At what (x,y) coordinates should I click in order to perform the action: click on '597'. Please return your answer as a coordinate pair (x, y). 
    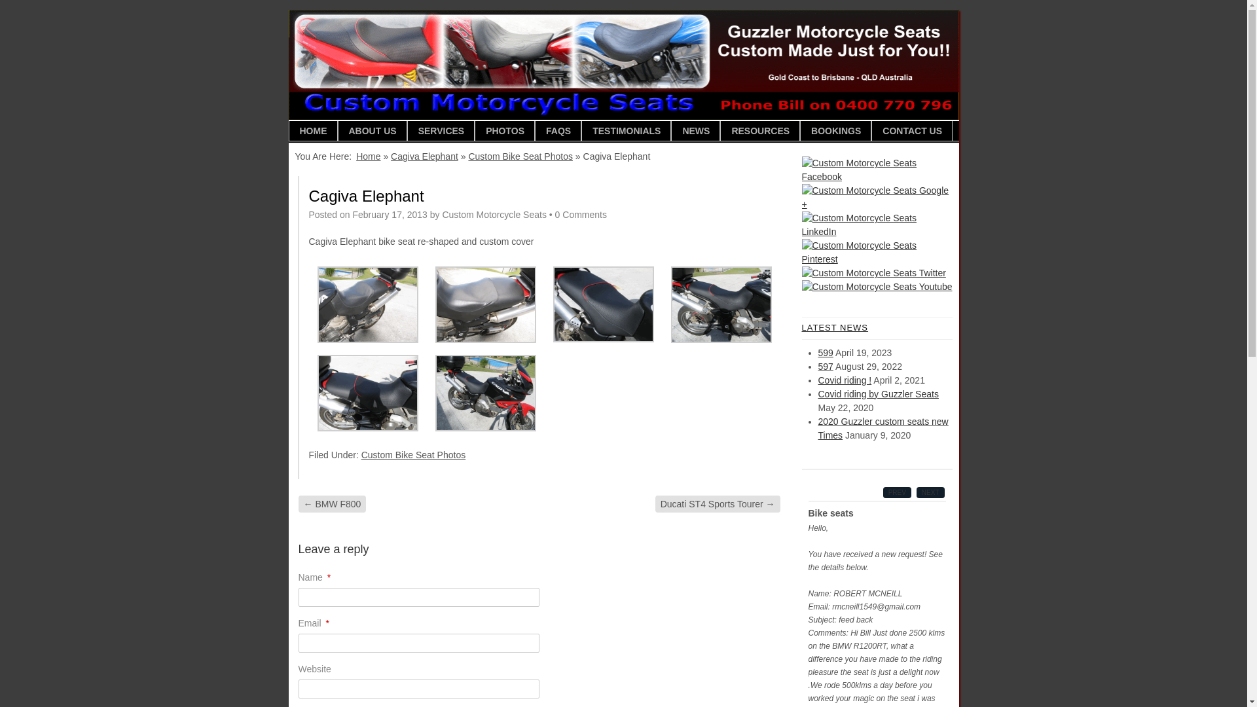
    Looking at the image, I should click on (825, 366).